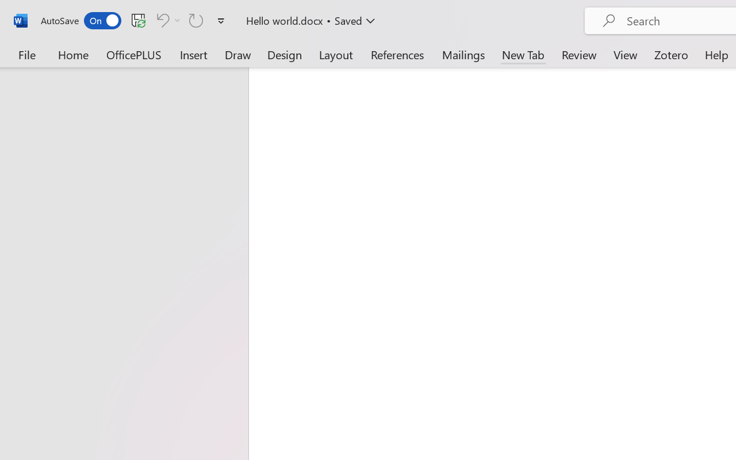 The image size is (736, 460). What do you see at coordinates (160, 20) in the screenshot?
I see `'Can'` at bounding box center [160, 20].